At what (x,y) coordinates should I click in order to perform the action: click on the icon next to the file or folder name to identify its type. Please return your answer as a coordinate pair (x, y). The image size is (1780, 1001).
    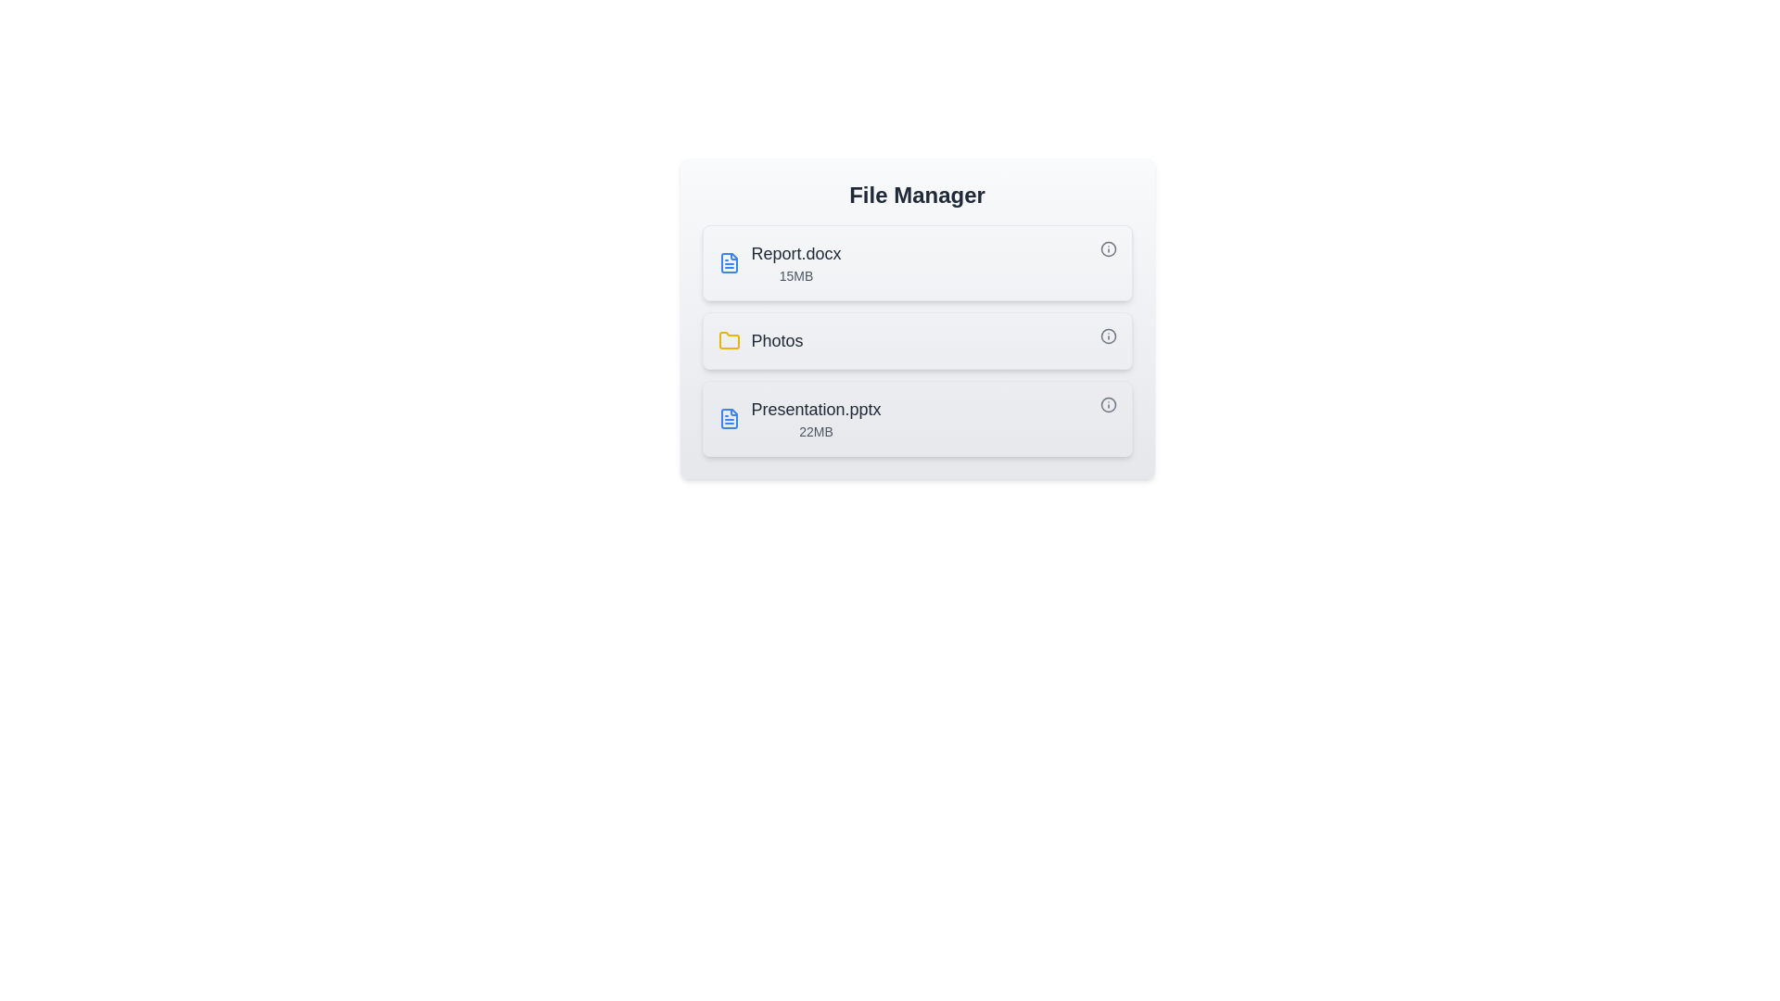
    Looking at the image, I should click on (728, 263).